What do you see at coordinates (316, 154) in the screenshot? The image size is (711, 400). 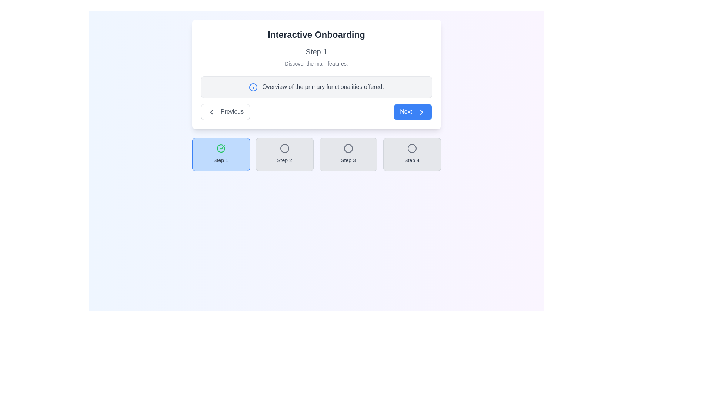 I see `the grid items of the Progress indicator located at the bottom part of the onboarding interface` at bounding box center [316, 154].